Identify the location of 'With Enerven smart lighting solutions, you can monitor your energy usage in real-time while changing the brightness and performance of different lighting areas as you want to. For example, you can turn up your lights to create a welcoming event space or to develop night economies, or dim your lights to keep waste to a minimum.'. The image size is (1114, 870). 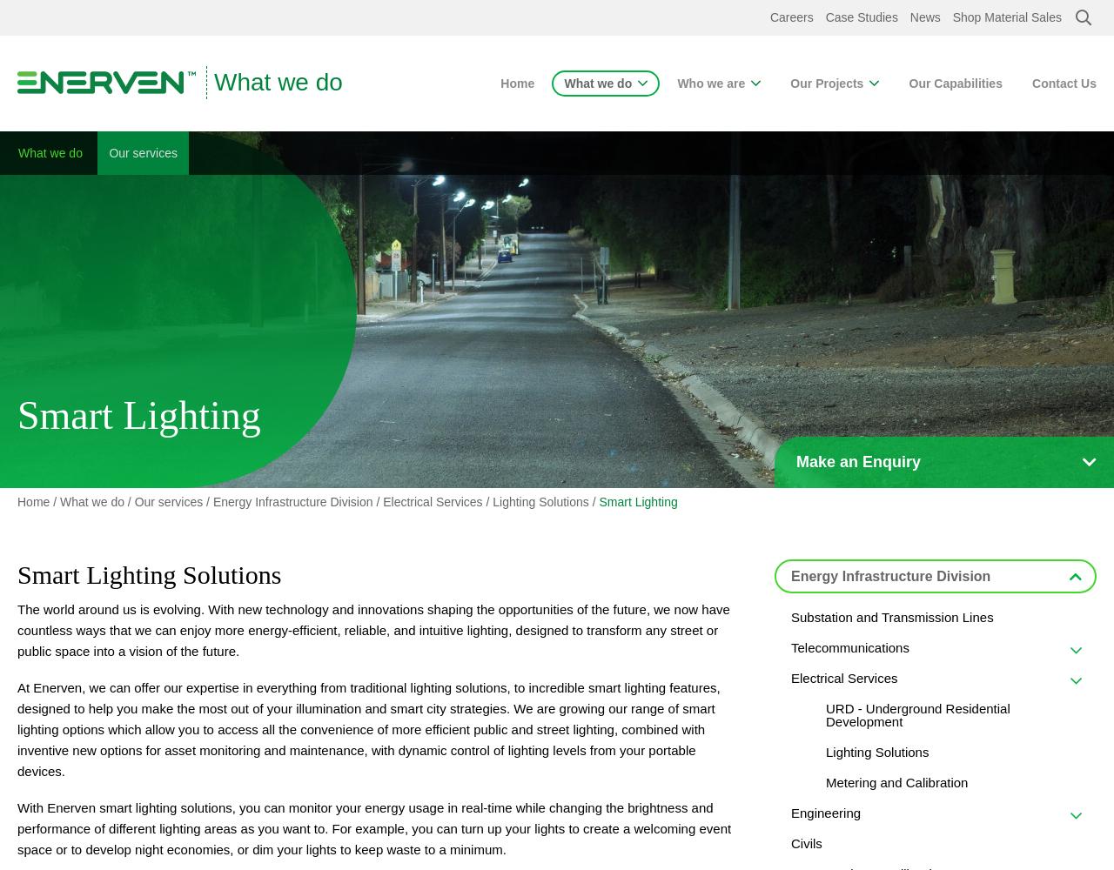
(372, 827).